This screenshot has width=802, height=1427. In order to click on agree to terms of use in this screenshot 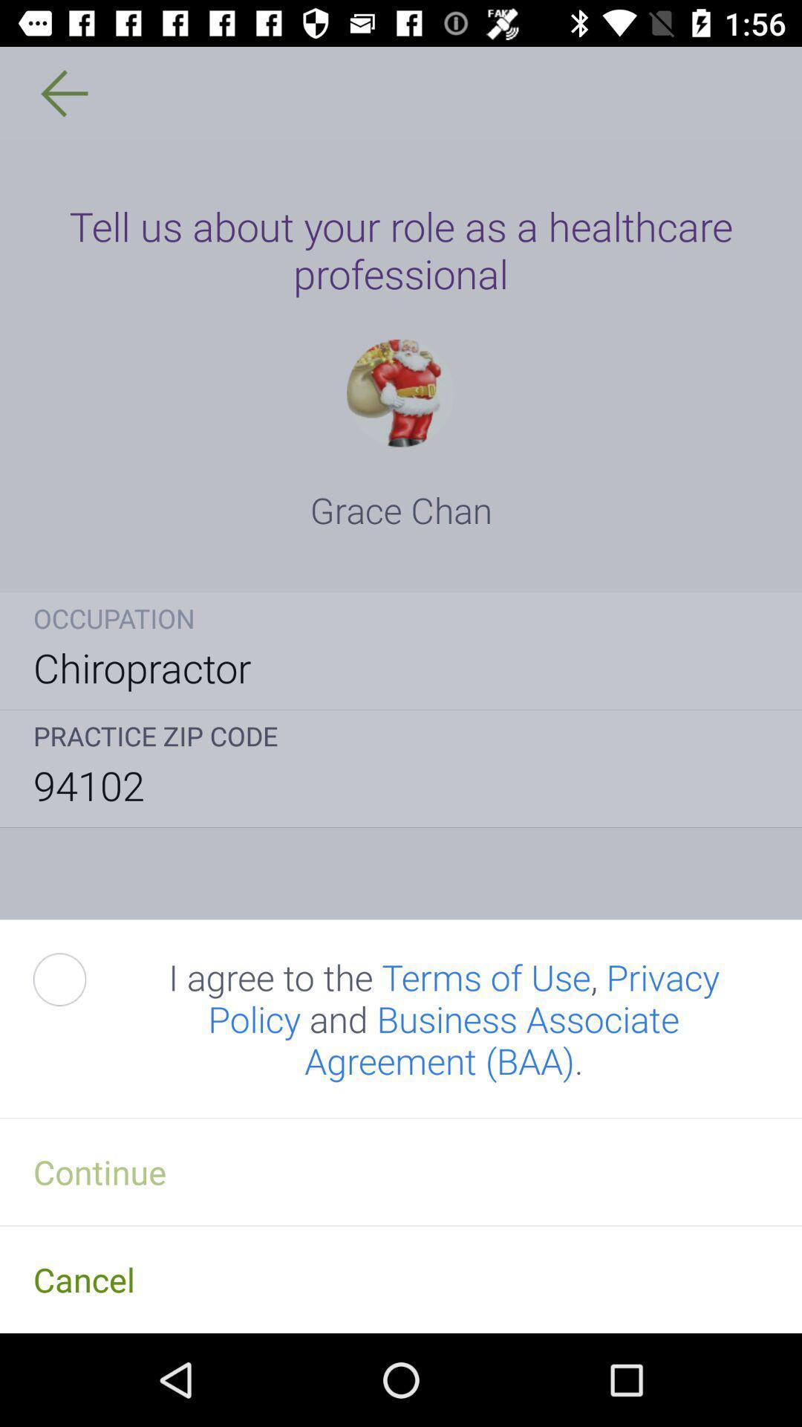, I will do `click(76, 980)`.